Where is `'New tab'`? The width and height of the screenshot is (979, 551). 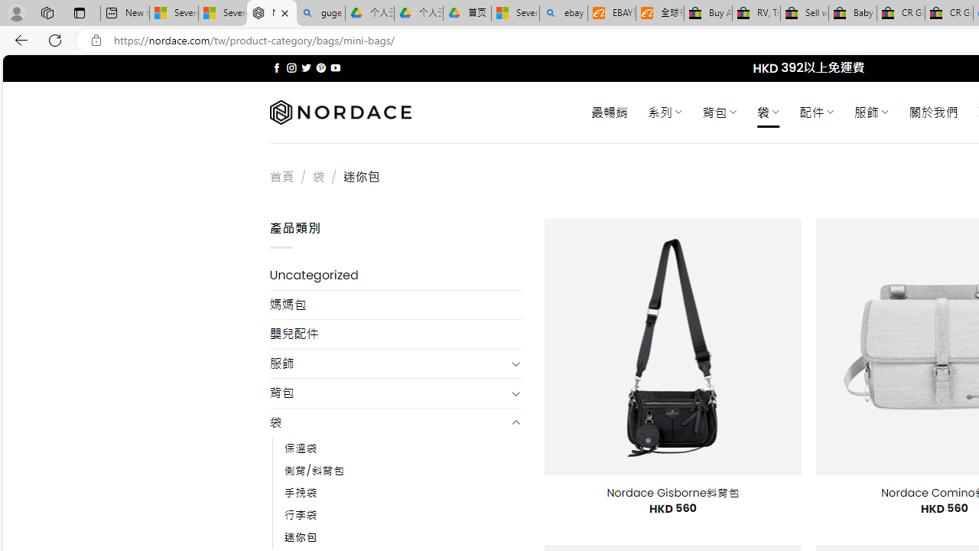 'New tab' is located at coordinates (125, 13).